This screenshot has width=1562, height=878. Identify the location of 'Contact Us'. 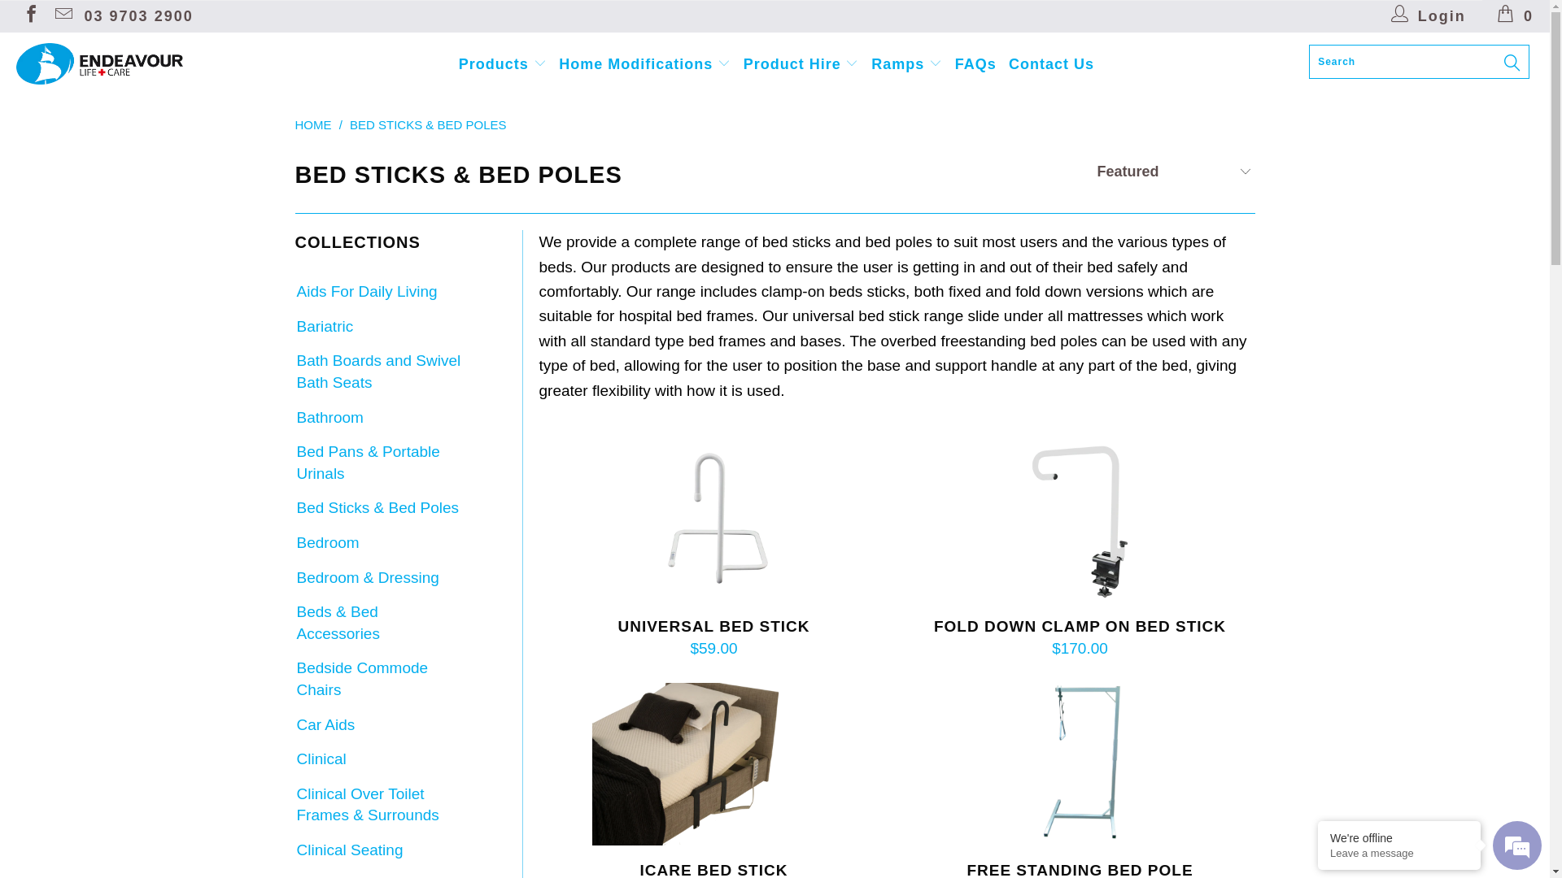
(1051, 63).